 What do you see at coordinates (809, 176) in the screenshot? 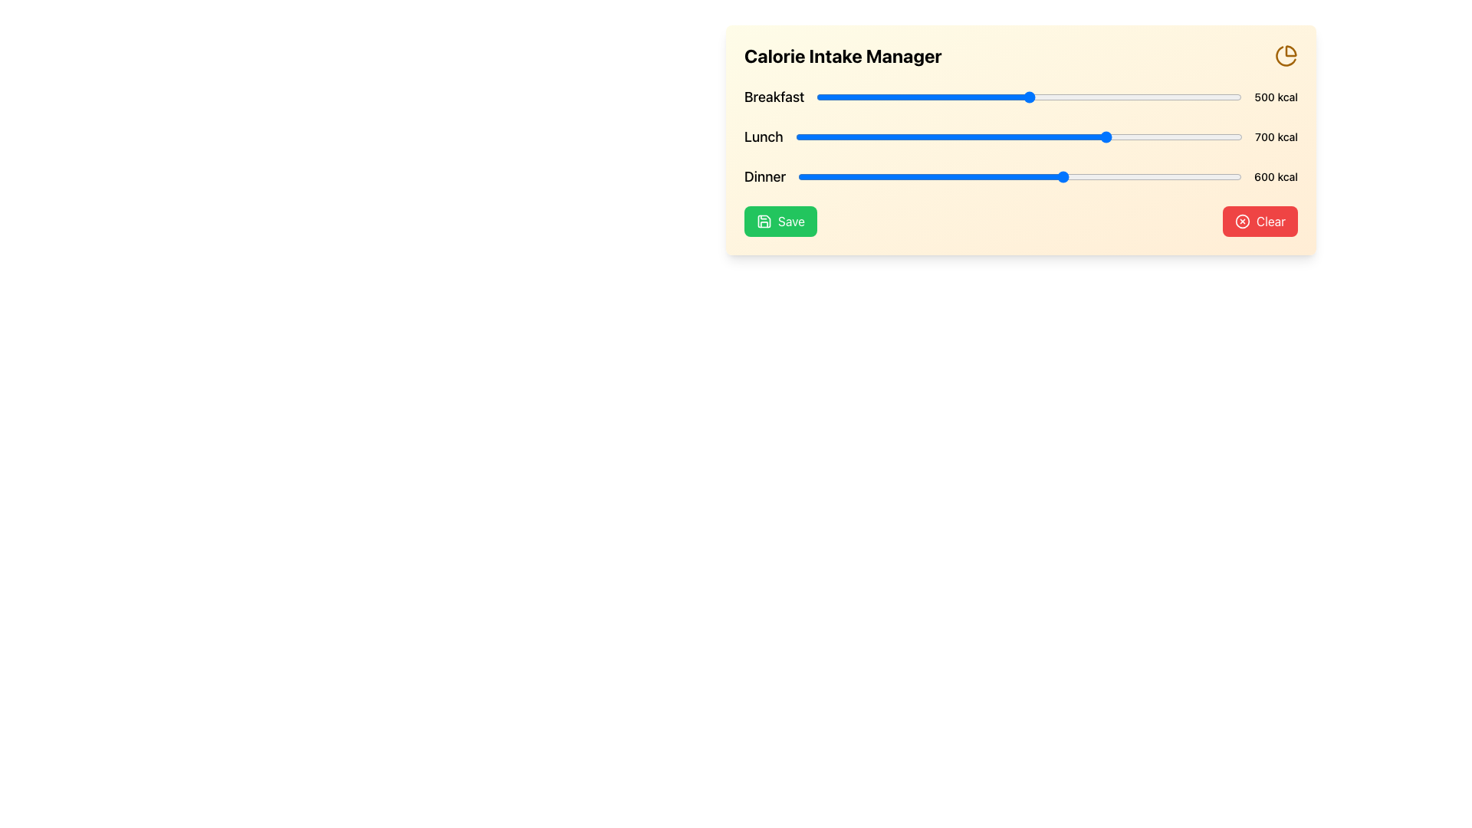
I see `Dinner kcal` at bounding box center [809, 176].